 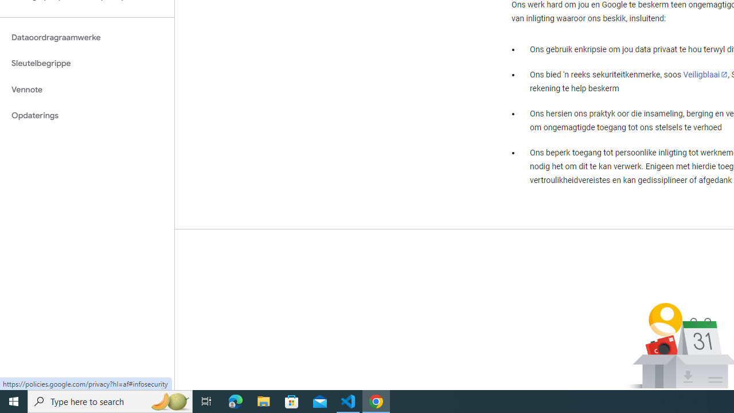 I want to click on 'Sleutelbegrippe', so click(x=87, y=63).